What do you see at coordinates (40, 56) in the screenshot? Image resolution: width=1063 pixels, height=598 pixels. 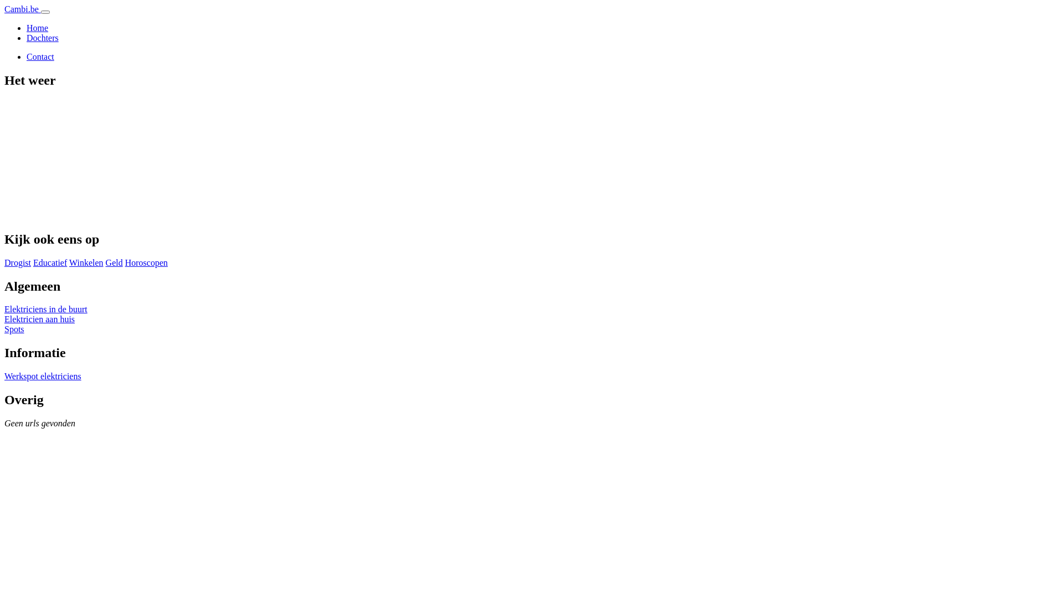 I see `'Contact'` at bounding box center [40, 56].